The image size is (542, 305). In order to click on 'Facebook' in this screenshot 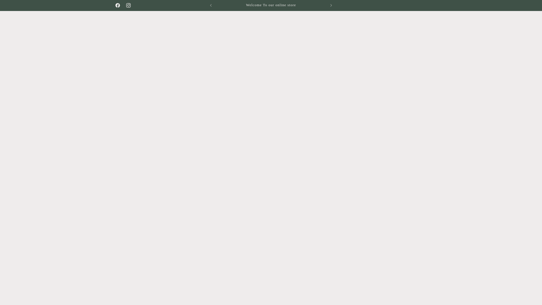, I will do `click(117, 5)`.